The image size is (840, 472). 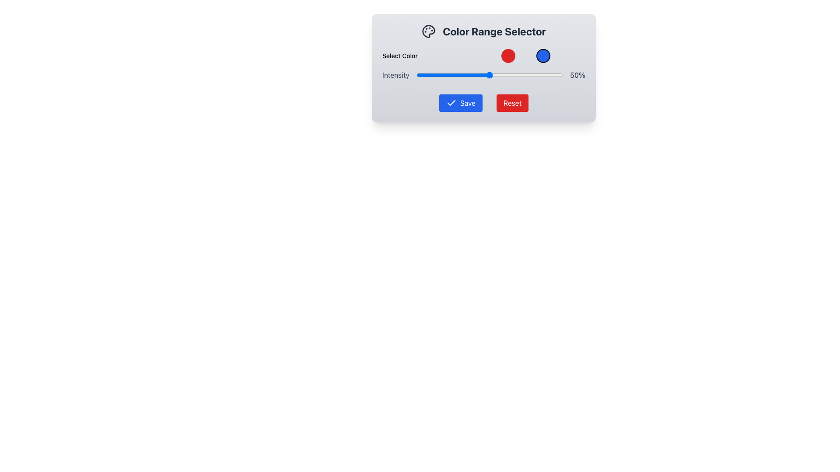 What do you see at coordinates (483, 56) in the screenshot?
I see `the selectable color indicator, a small blue sphere outlined in black, located under the 'Select Color' heading` at bounding box center [483, 56].